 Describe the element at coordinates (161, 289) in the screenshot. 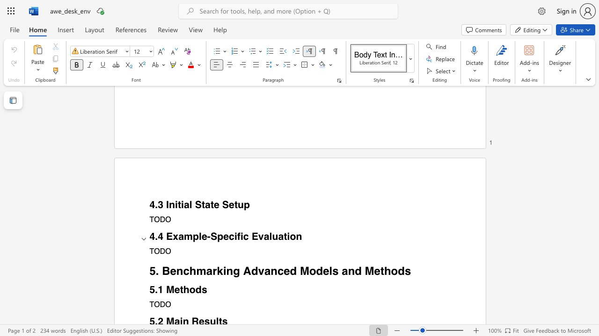

I see `the 1th character "1" in the text` at that location.